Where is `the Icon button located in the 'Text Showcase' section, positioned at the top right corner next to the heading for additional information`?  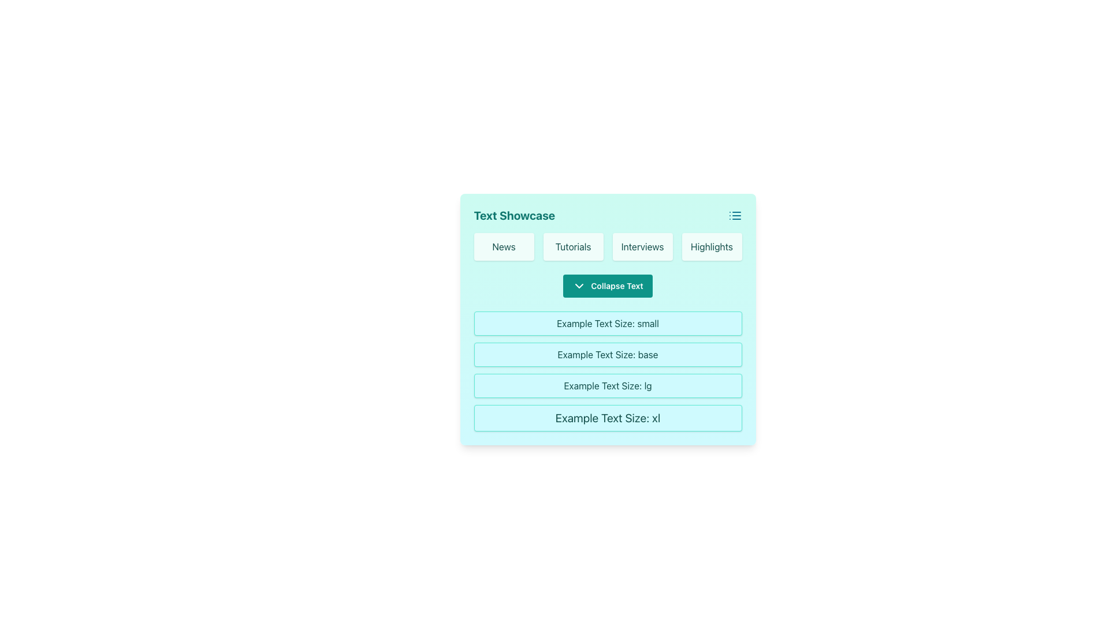
the Icon button located in the 'Text Showcase' section, positioned at the top right corner next to the heading for additional information is located at coordinates (734, 216).